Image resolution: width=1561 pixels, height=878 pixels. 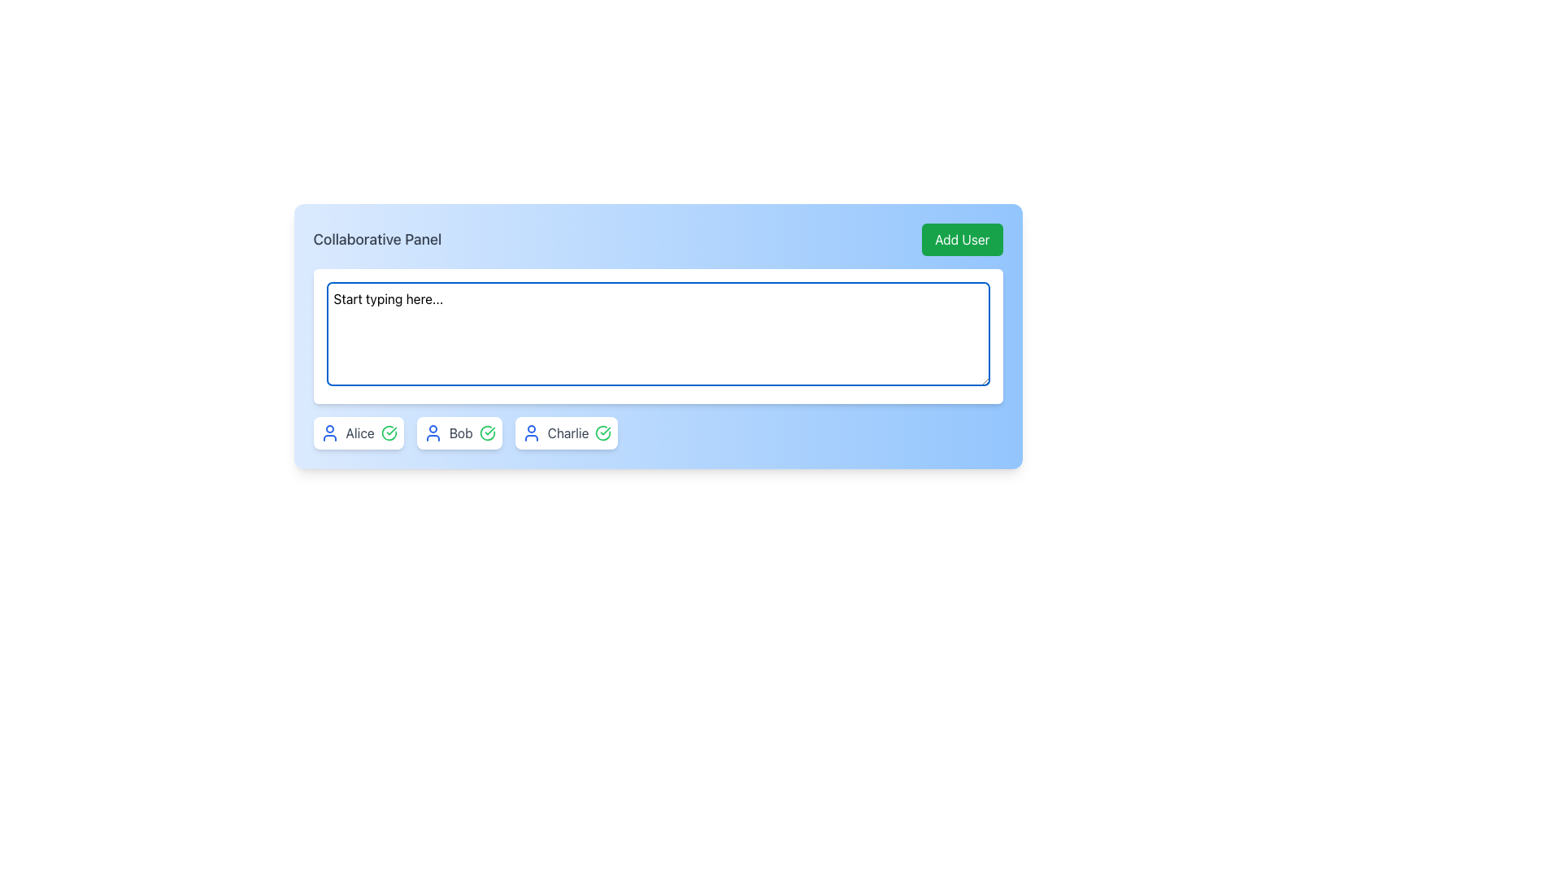 What do you see at coordinates (531, 432) in the screenshot?
I see `the user profile SVG icon, which features a circular head and a blue outline, located next to the text label 'Charlie'` at bounding box center [531, 432].